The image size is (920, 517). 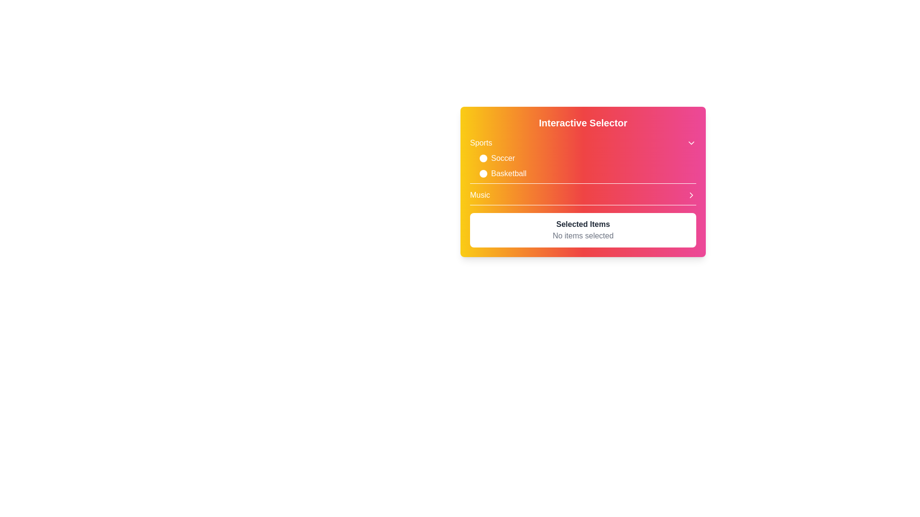 I want to click on the small circular icon with a white background and a gray border, located to the left of the word 'Soccer' in the 'Sports' section, so click(x=483, y=158).